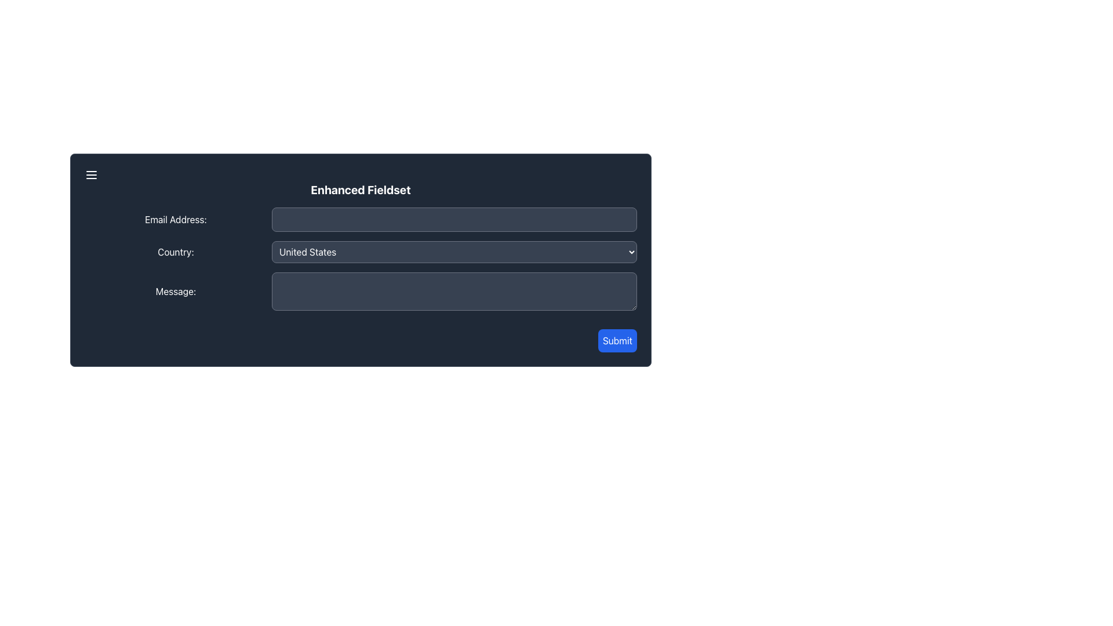  Describe the element at coordinates (453, 252) in the screenshot. I see `the dropdown menu with the default option 'United States'` at that location.